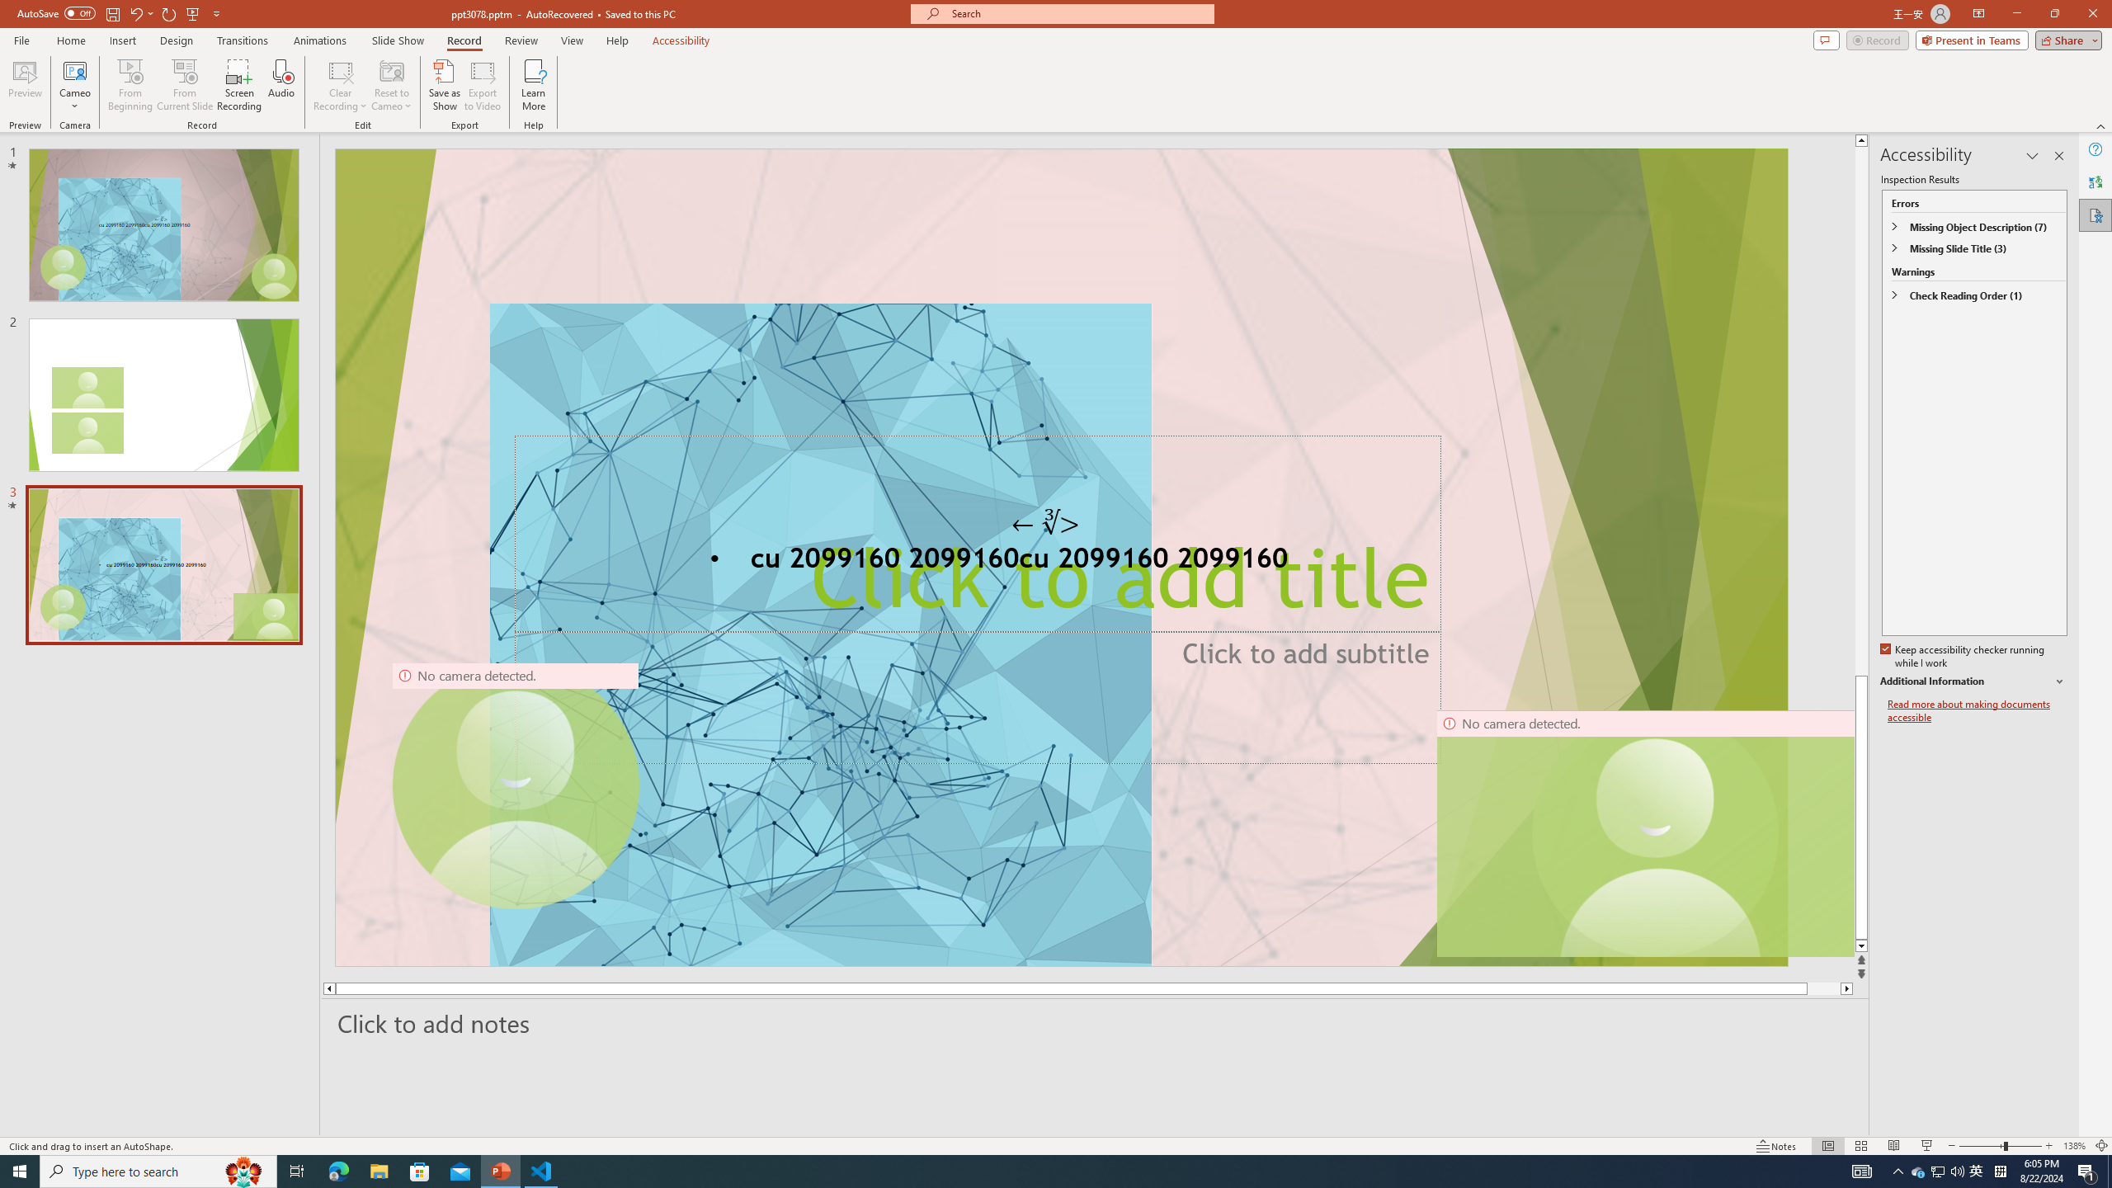 The image size is (2112, 1188). I want to click on 'Clear Recording', so click(340, 85).